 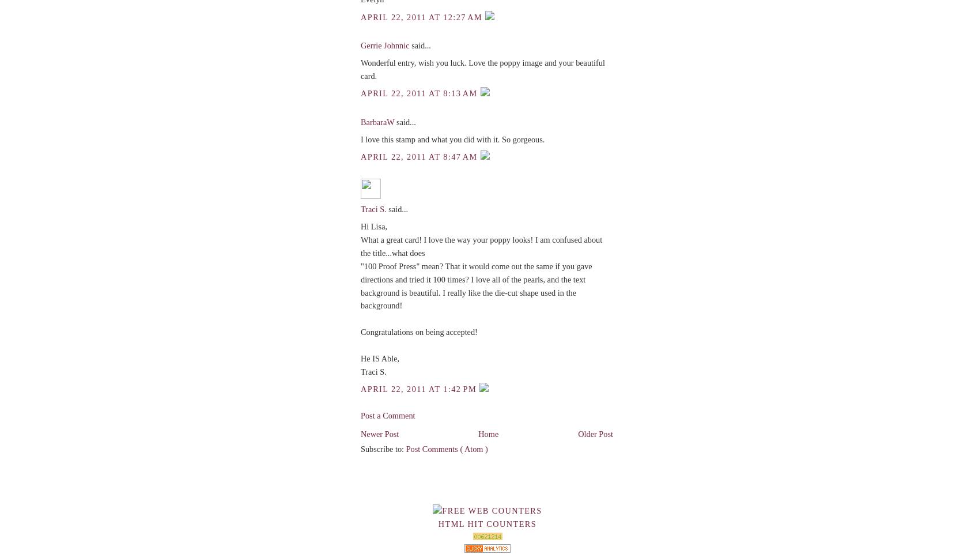 What do you see at coordinates (487, 524) in the screenshot?
I see `'HTML Hit Counters'` at bounding box center [487, 524].